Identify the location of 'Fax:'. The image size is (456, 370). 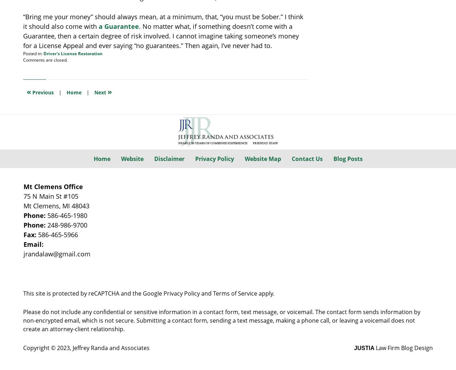
(30, 234).